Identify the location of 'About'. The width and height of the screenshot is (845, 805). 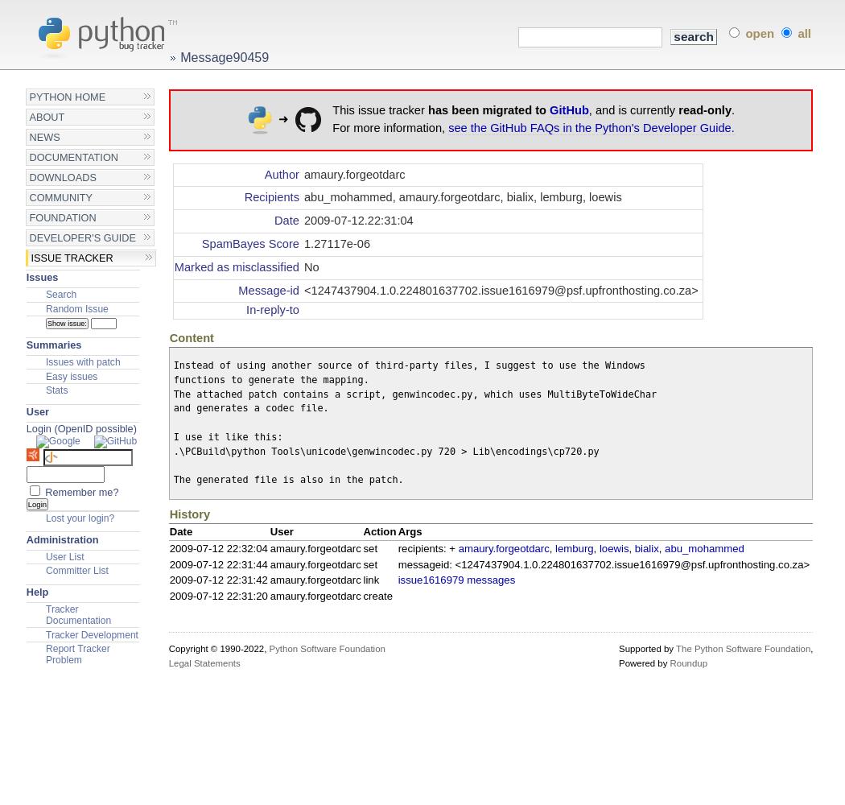
(45, 117).